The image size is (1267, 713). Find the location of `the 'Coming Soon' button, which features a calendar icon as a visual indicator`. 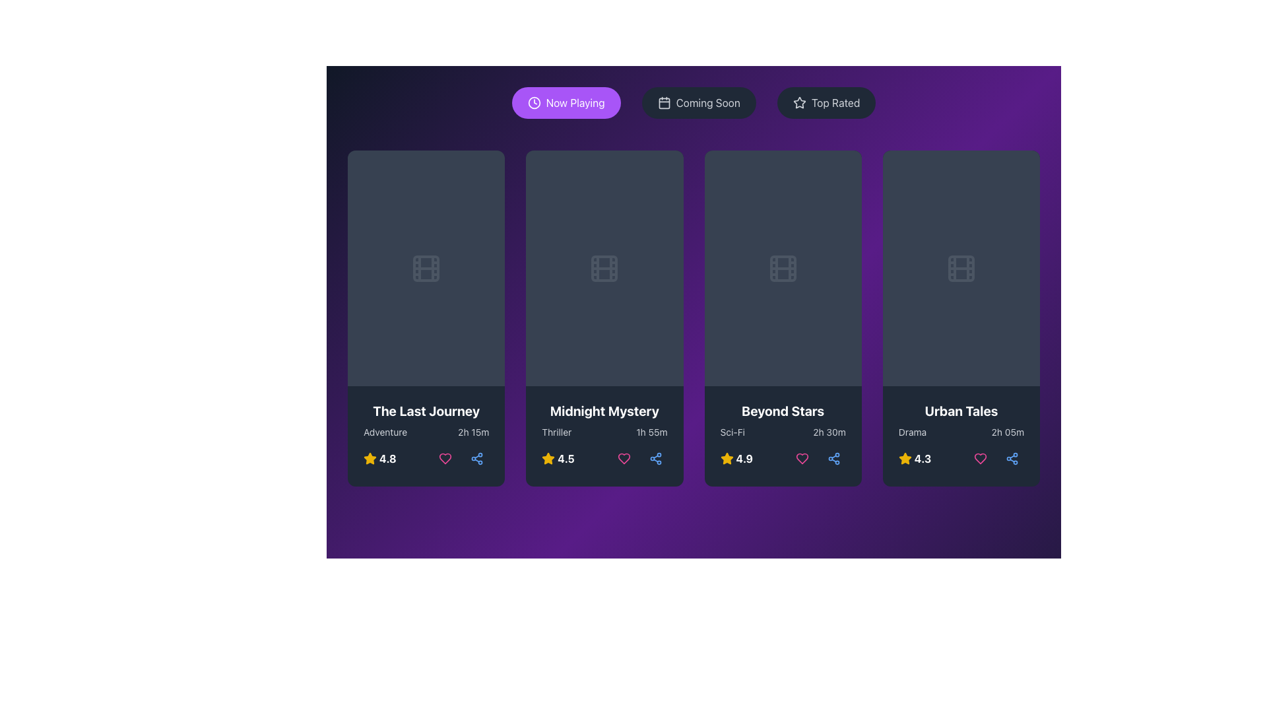

the 'Coming Soon' button, which features a calendar icon as a visual indicator is located at coordinates (664, 102).